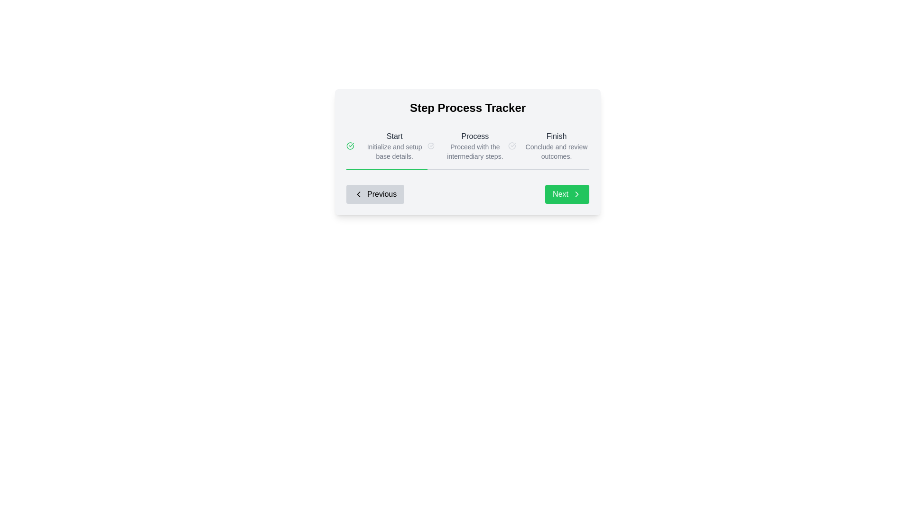  What do you see at coordinates (394, 137) in the screenshot?
I see `the bold text label displaying 'Start', which is positioned prominently above the lighter gray text line that states 'Initialize and setup base details.'` at bounding box center [394, 137].